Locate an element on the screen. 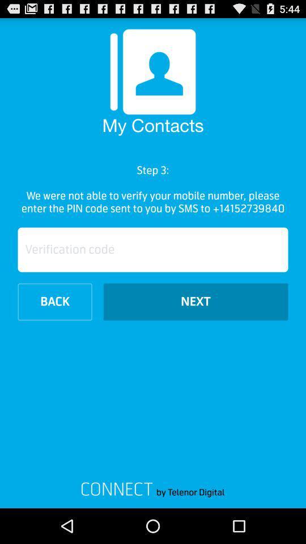 This screenshot has width=306, height=544. back item is located at coordinates (54, 301).